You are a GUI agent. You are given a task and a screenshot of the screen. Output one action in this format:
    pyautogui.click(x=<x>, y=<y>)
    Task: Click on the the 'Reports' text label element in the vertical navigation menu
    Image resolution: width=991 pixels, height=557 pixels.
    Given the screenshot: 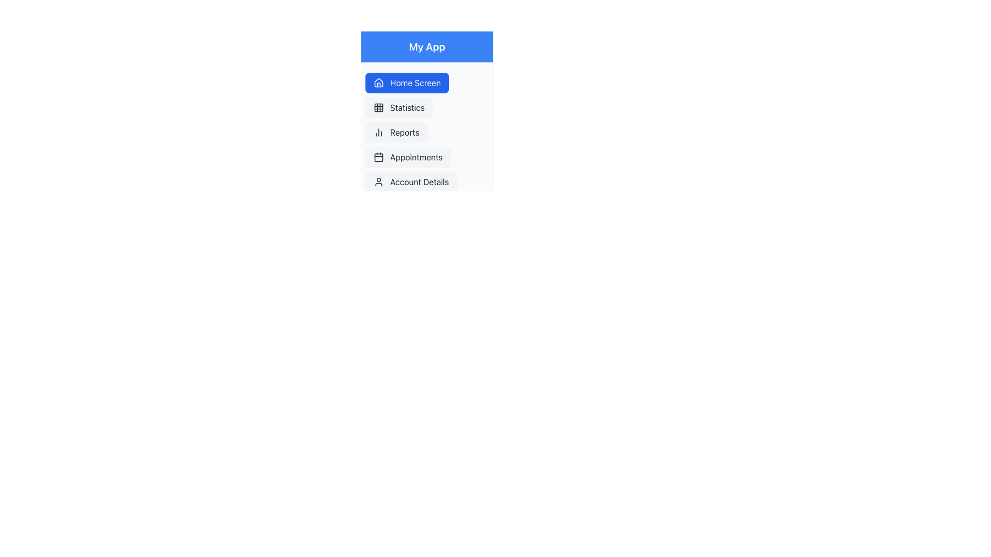 What is the action you would take?
    pyautogui.click(x=404, y=132)
    